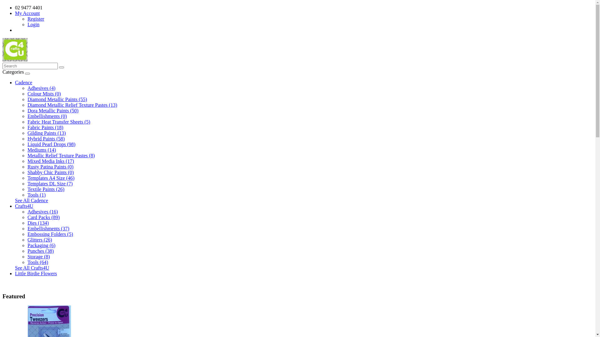 The width and height of the screenshot is (600, 337). Describe the element at coordinates (35, 18) in the screenshot. I see `'Register'` at that location.